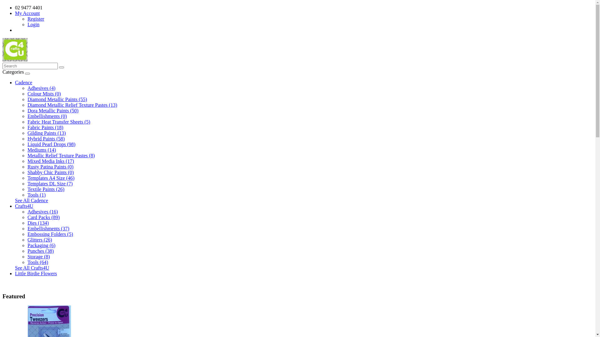 The width and height of the screenshot is (600, 337). Describe the element at coordinates (35, 18) in the screenshot. I see `'Register'` at that location.